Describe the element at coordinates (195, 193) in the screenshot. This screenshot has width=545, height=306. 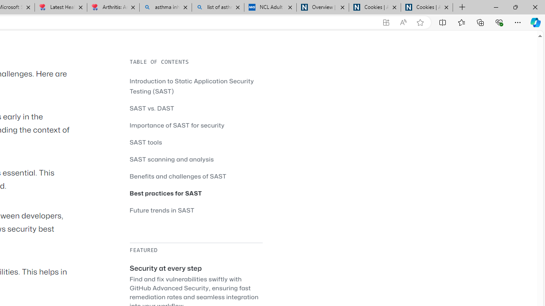
I see `'Best practices for SAST'` at that location.